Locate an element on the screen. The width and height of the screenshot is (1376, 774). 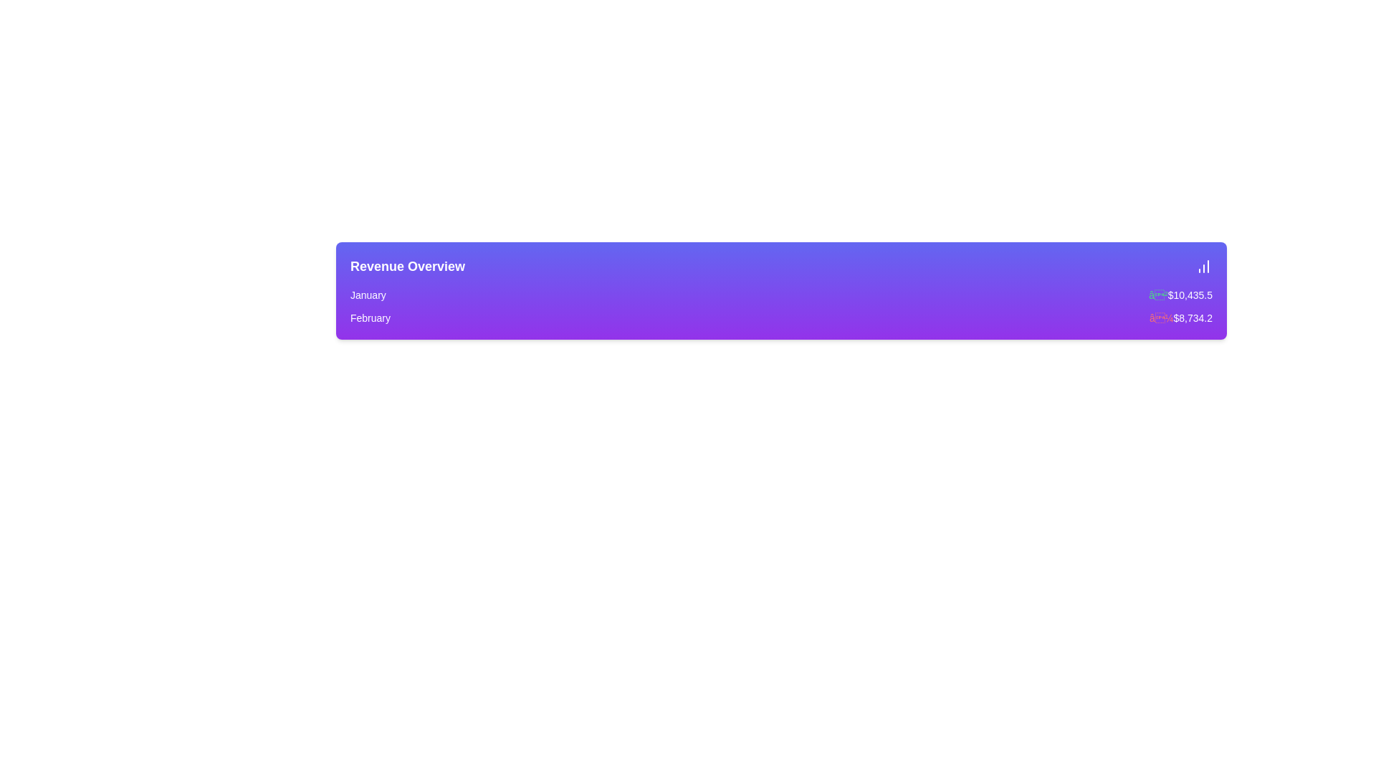
the financial value text element associated with February's data in the bottom-right corner of the light purple panel to interact with it is located at coordinates (1180, 317).